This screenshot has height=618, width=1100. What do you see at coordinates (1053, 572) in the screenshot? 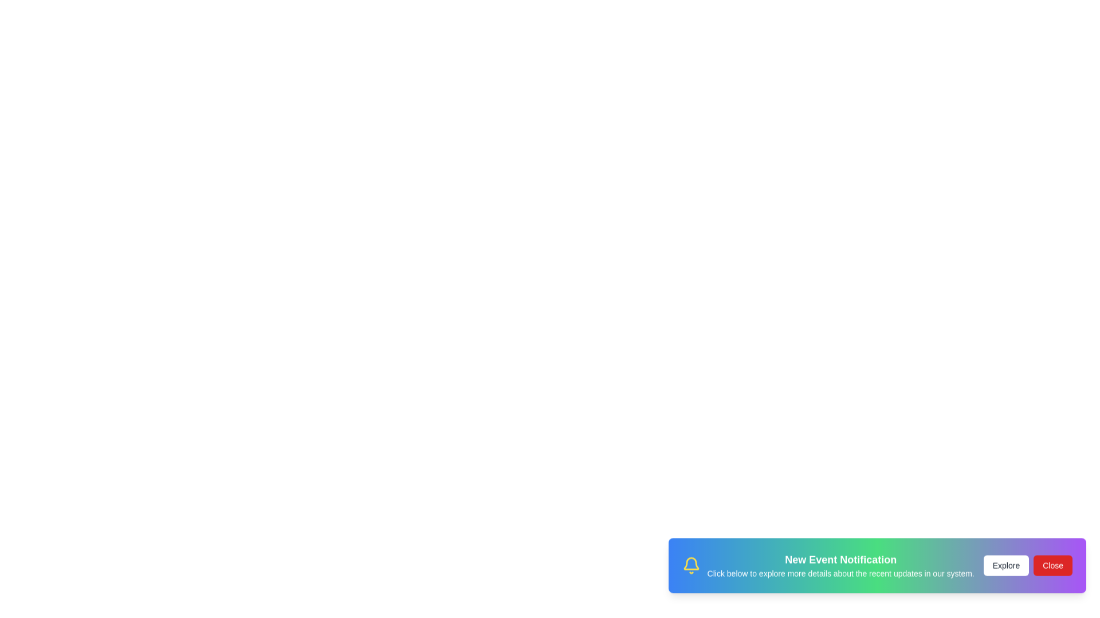
I see `the 'Close' button to hide the snackbar` at bounding box center [1053, 572].